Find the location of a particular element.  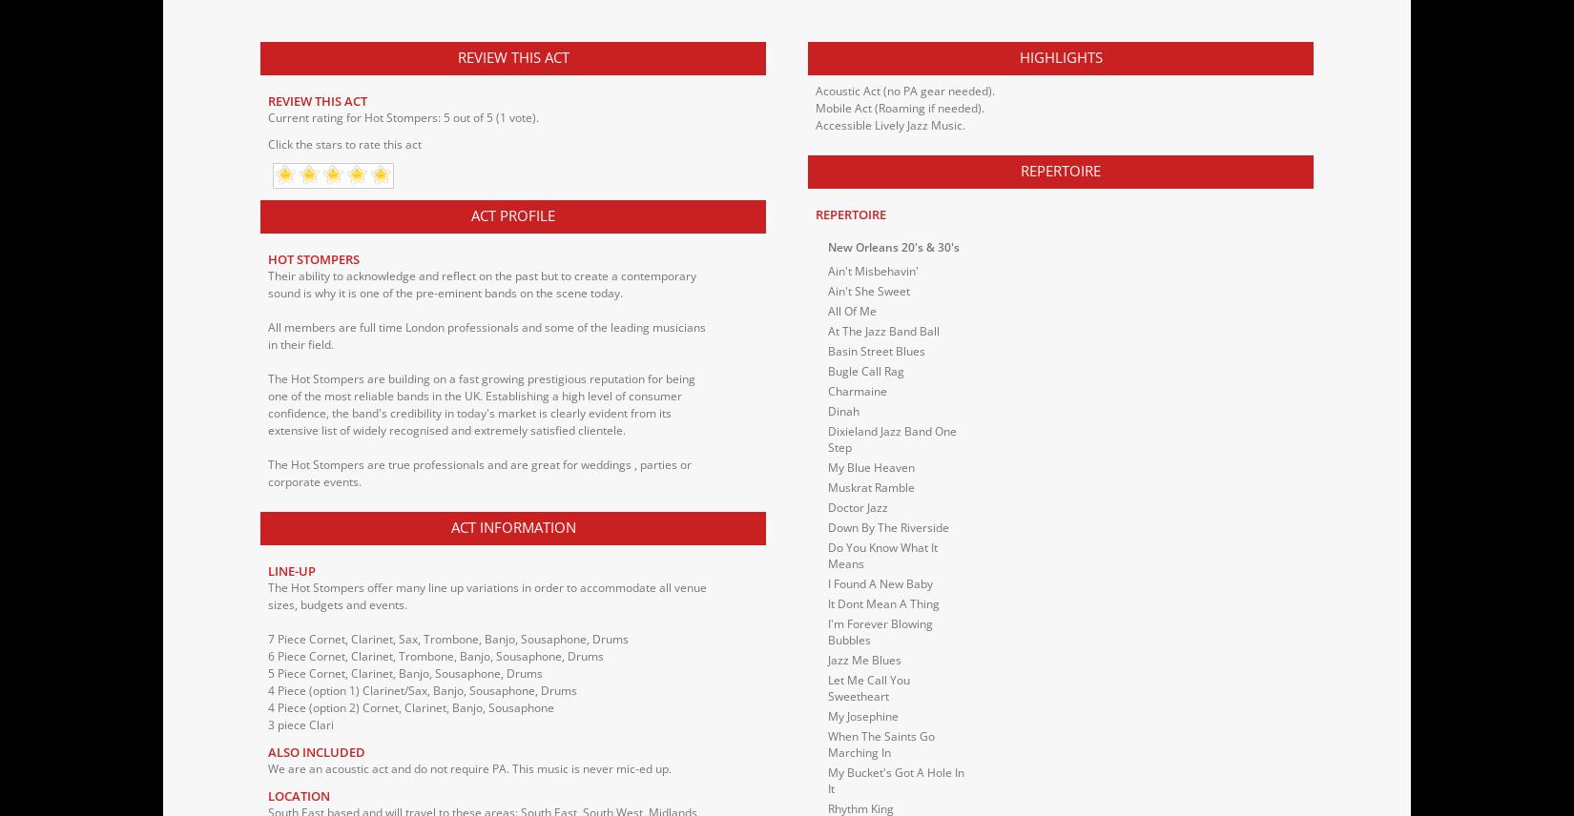

'Line-up' is located at coordinates (292, 570).